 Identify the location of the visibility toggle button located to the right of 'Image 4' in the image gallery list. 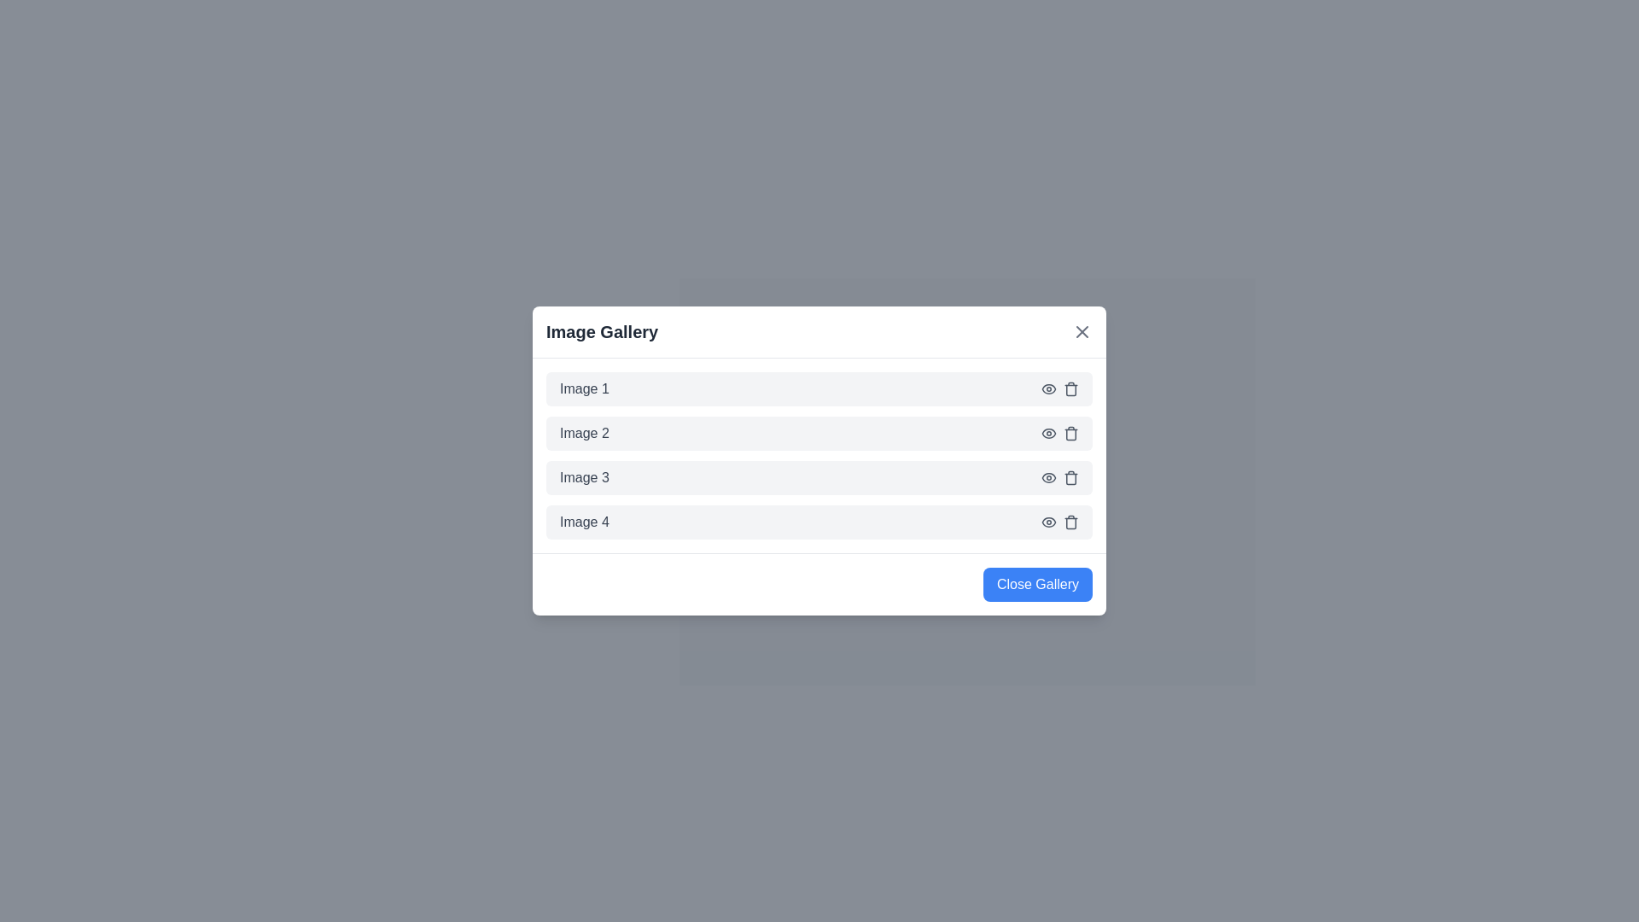
(1047, 522).